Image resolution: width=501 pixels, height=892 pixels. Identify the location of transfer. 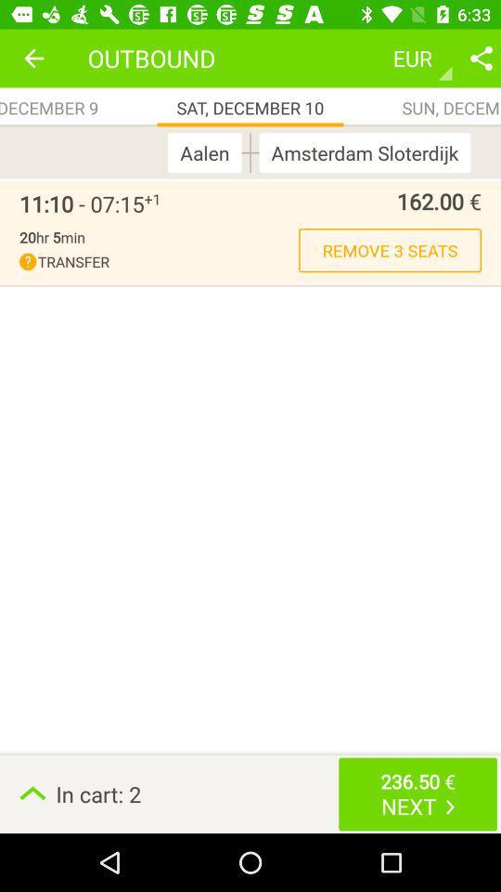
(159, 261).